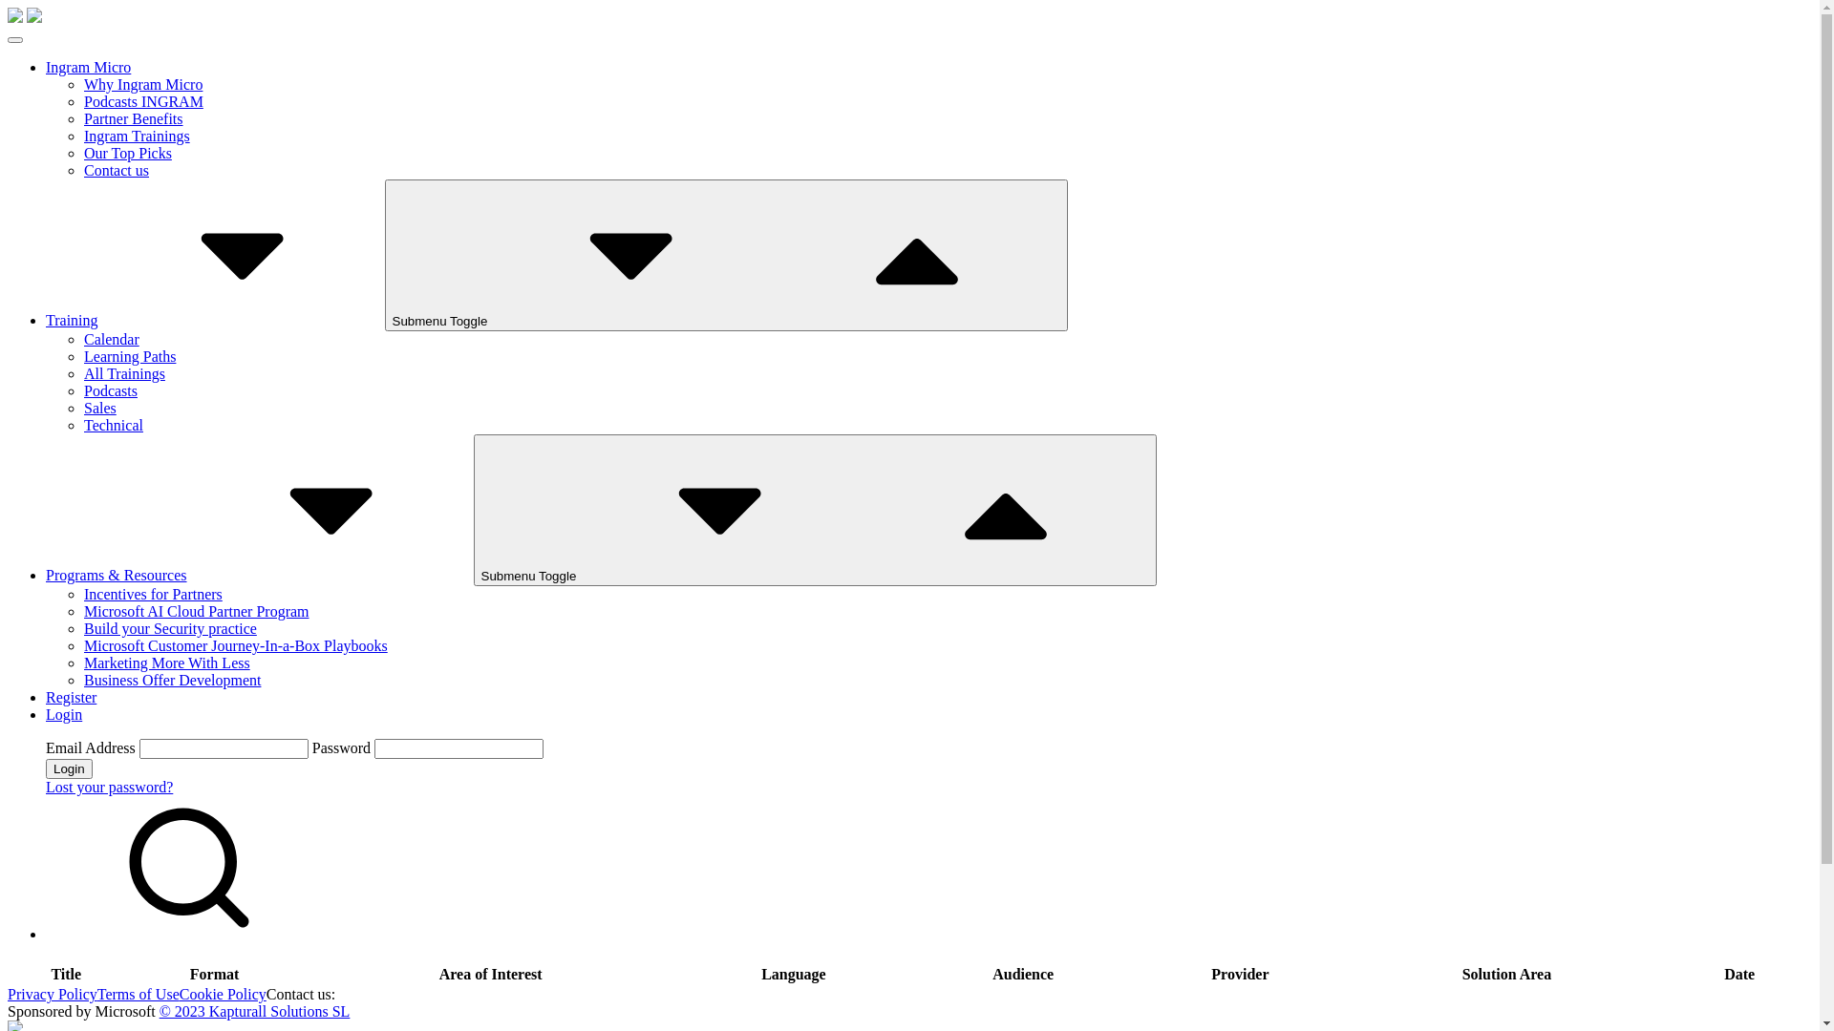 This screenshot has width=1834, height=1031. What do you see at coordinates (197, 611) in the screenshot?
I see `'Microsoft AI Cloud Partner Program'` at bounding box center [197, 611].